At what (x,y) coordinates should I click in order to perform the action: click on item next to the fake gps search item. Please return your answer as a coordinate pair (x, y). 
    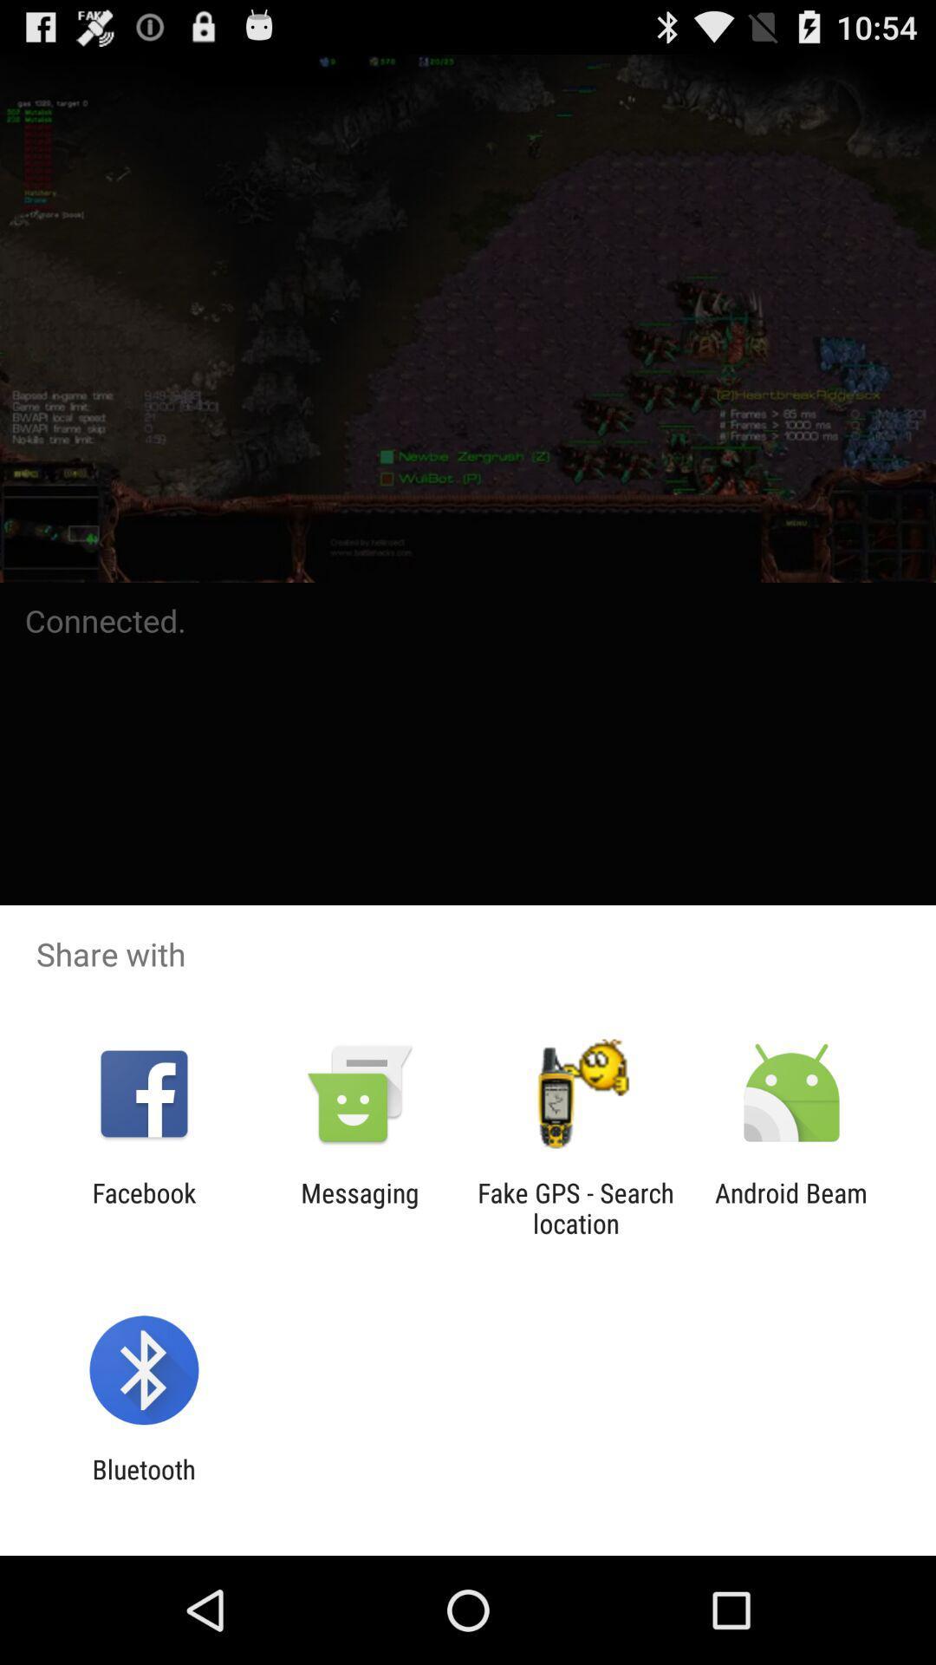
    Looking at the image, I should click on (359, 1207).